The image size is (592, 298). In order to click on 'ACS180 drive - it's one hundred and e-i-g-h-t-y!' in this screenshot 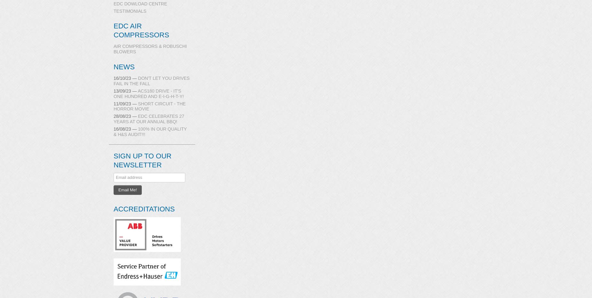, I will do `click(148, 93)`.